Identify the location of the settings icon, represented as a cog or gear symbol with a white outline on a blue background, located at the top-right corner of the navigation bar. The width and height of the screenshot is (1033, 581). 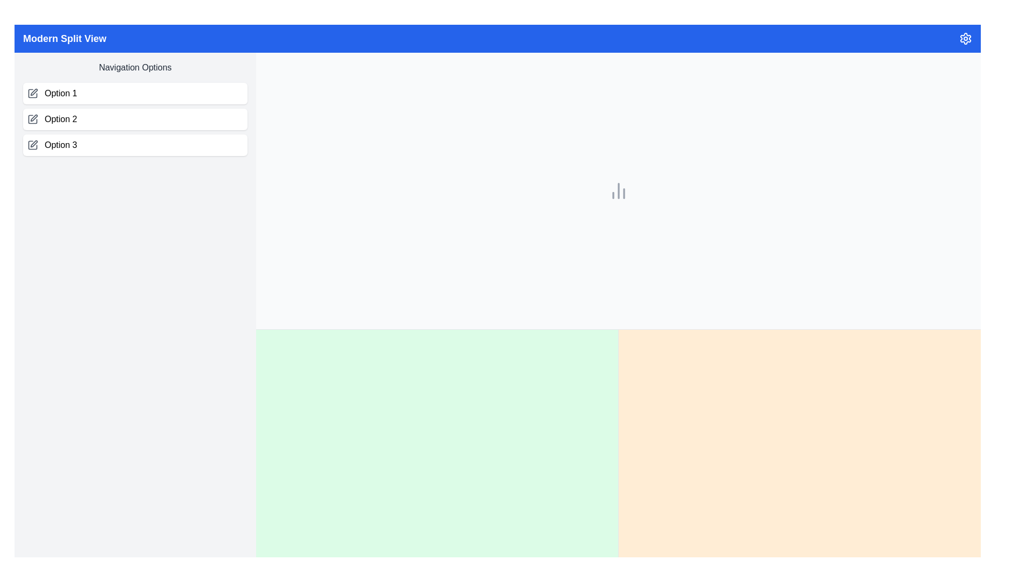
(966, 38).